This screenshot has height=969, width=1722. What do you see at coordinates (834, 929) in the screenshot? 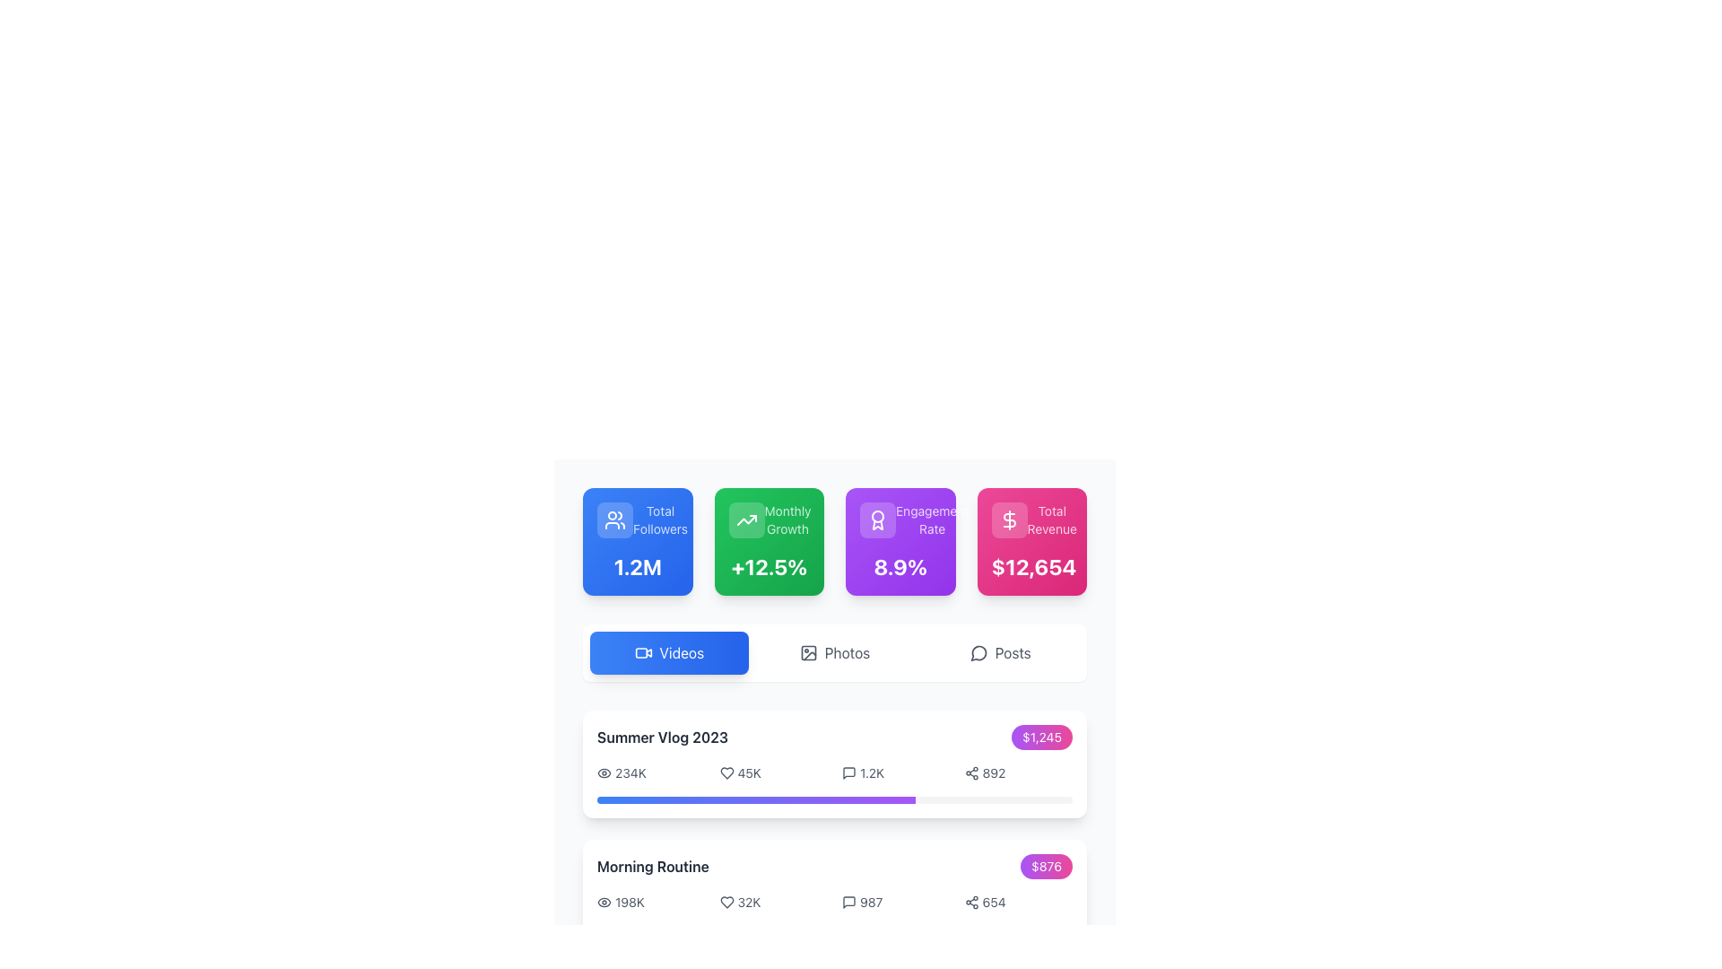
I see `the Progress bar located at the bottom section of the 'Morning Routine' card, which visually represents the completion percentage for the associated metrics` at bounding box center [834, 929].